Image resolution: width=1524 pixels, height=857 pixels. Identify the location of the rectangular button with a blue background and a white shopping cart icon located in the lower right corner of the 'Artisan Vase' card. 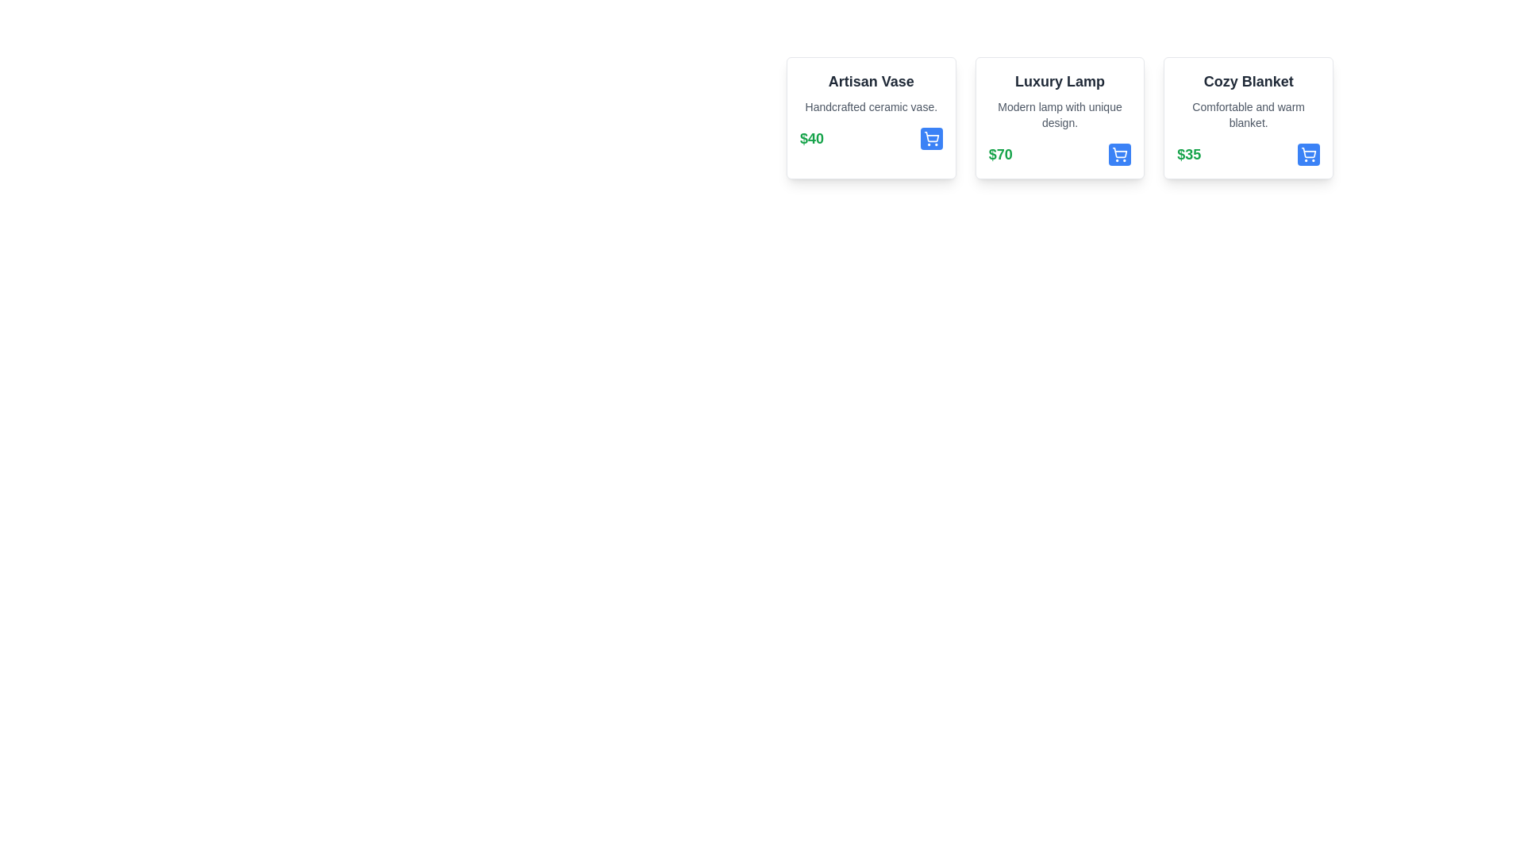
(931, 137).